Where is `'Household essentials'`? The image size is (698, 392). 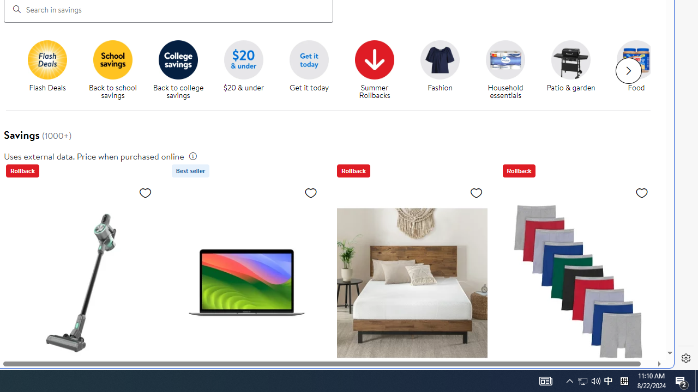
'Household essentials' is located at coordinates (509, 70).